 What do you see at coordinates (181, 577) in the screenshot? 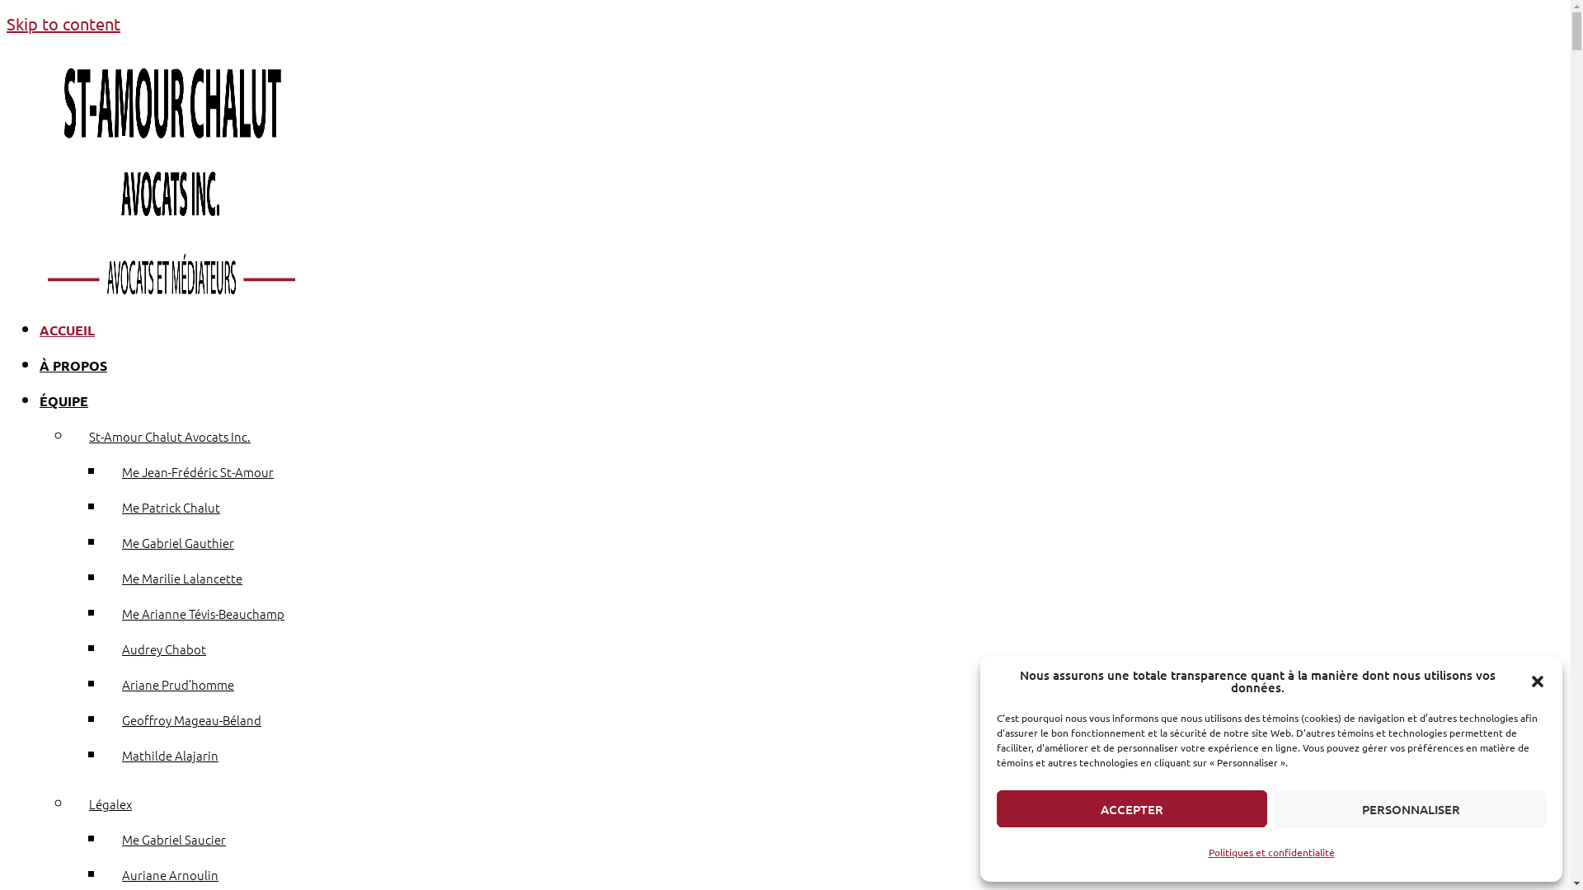
I see `'Me Marilie Lalancette'` at bounding box center [181, 577].